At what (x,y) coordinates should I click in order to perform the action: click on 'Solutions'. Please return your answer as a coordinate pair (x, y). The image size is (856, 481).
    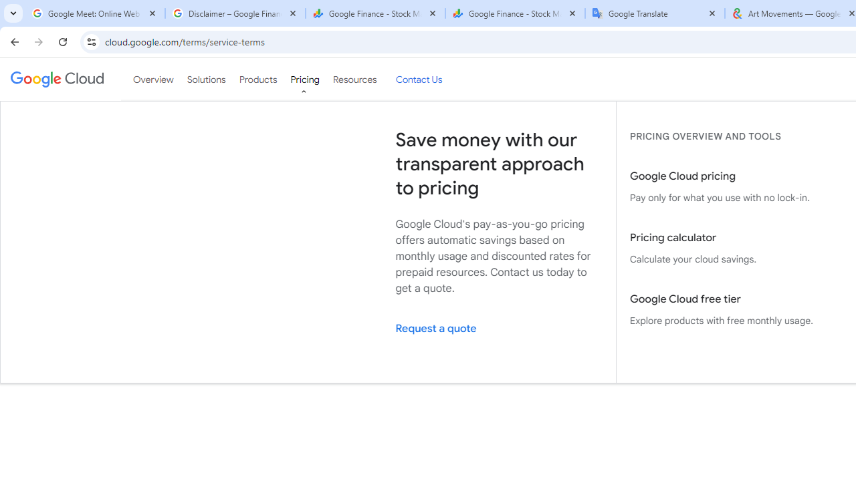
    Looking at the image, I should click on (205, 79).